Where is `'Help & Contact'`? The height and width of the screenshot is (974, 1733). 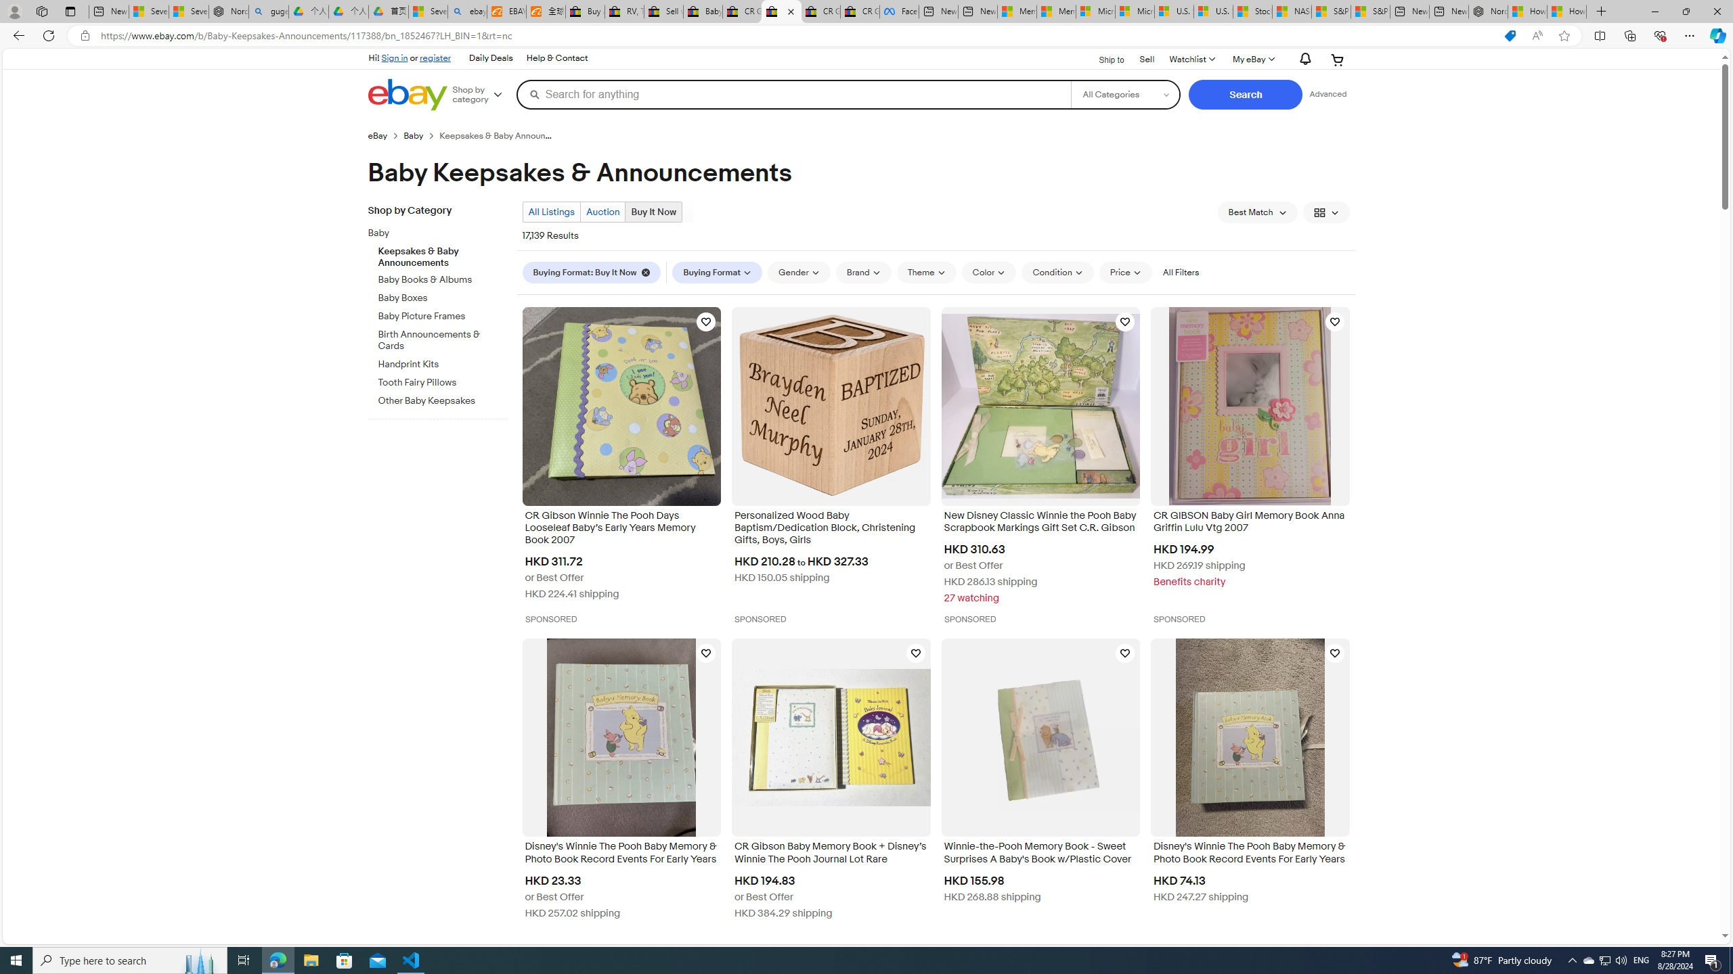
'Help & Contact' is located at coordinates (555, 57).